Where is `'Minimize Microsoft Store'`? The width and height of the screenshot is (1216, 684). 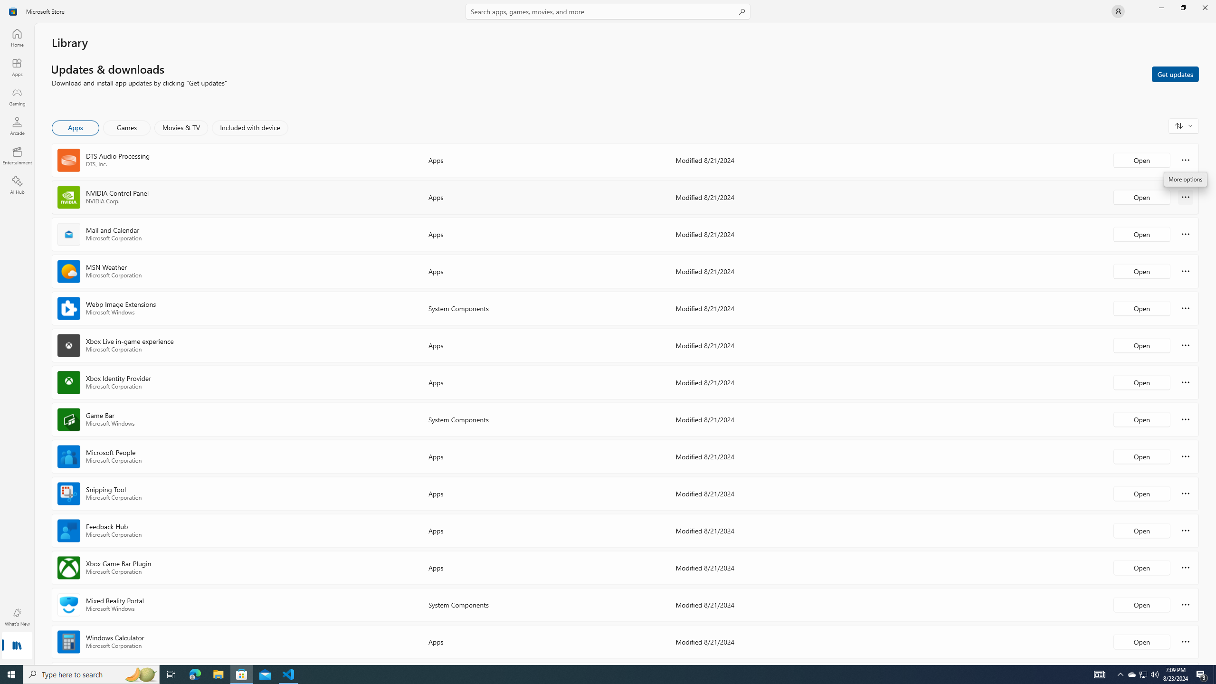 'Minimize Microsoft Store' is located at coordinates (1160, 7).